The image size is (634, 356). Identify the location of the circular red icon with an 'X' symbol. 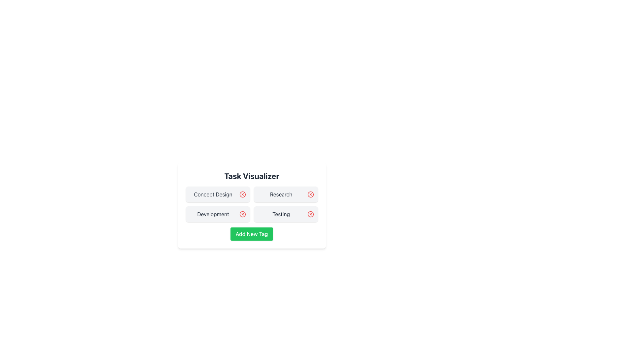
(310, 214).